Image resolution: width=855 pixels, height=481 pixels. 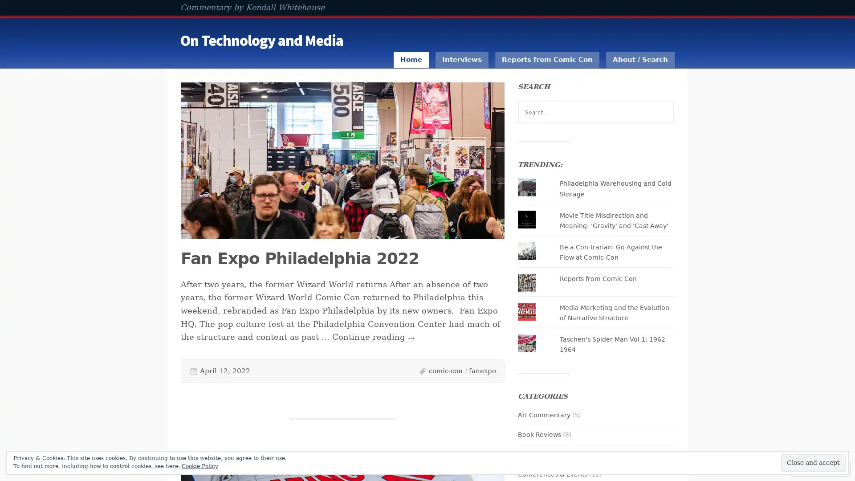 I want to click on Close and accept, so click(x=813, y=462).